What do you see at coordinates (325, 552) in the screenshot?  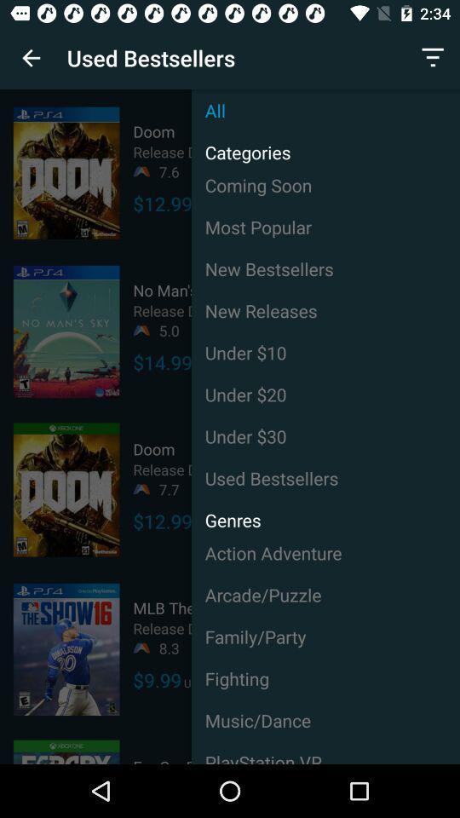 I see `the item below the used item` at bounding box center [325, 552].